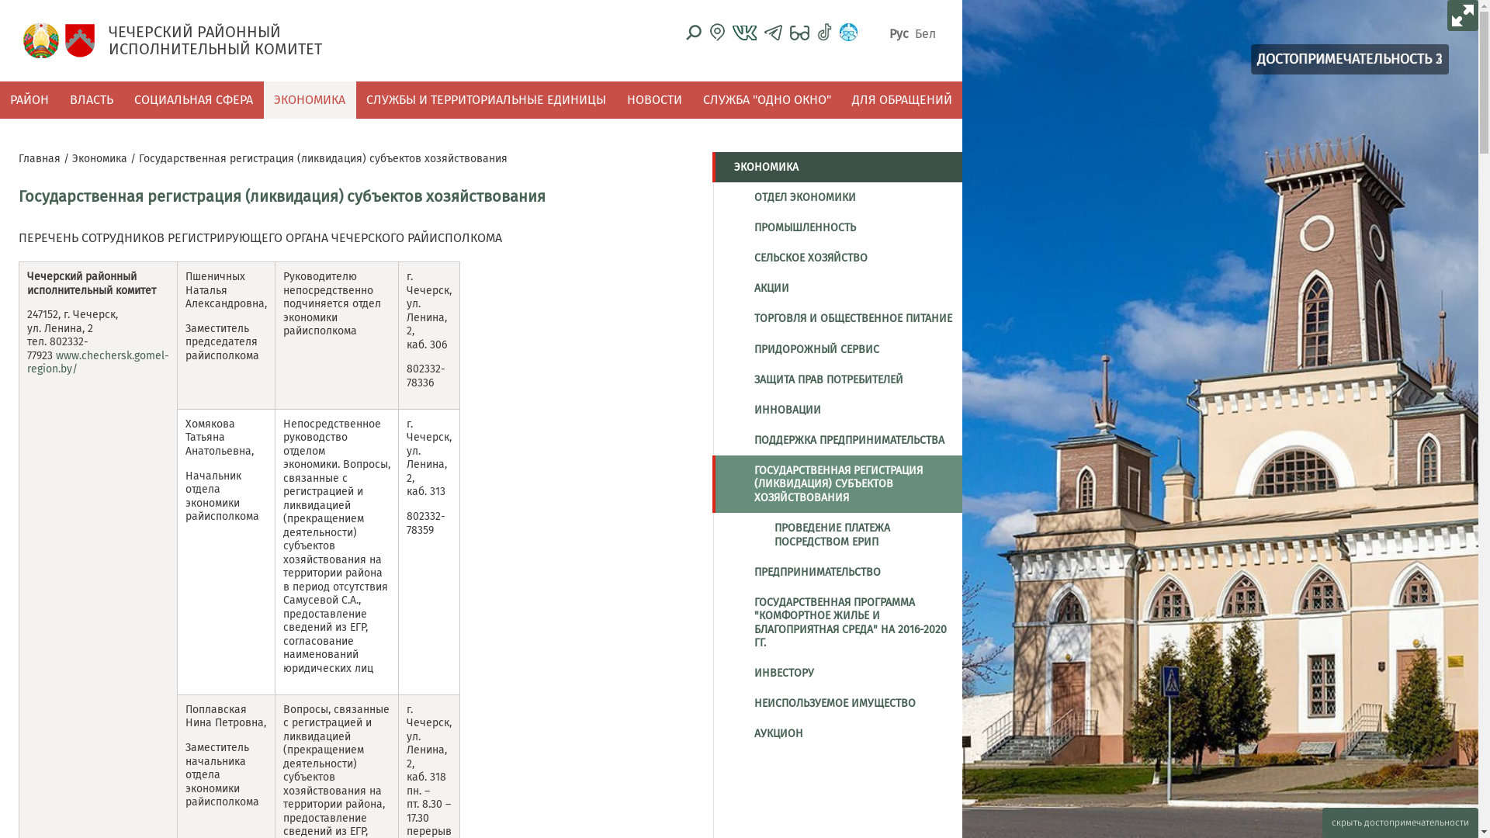 The height and width of the screenshot is (838, 1490). I want to click on 'telegram', so click(773, 32).